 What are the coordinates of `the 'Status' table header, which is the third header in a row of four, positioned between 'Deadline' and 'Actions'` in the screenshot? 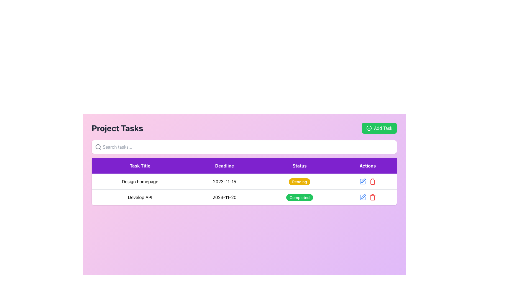 It's located at (299, 166).